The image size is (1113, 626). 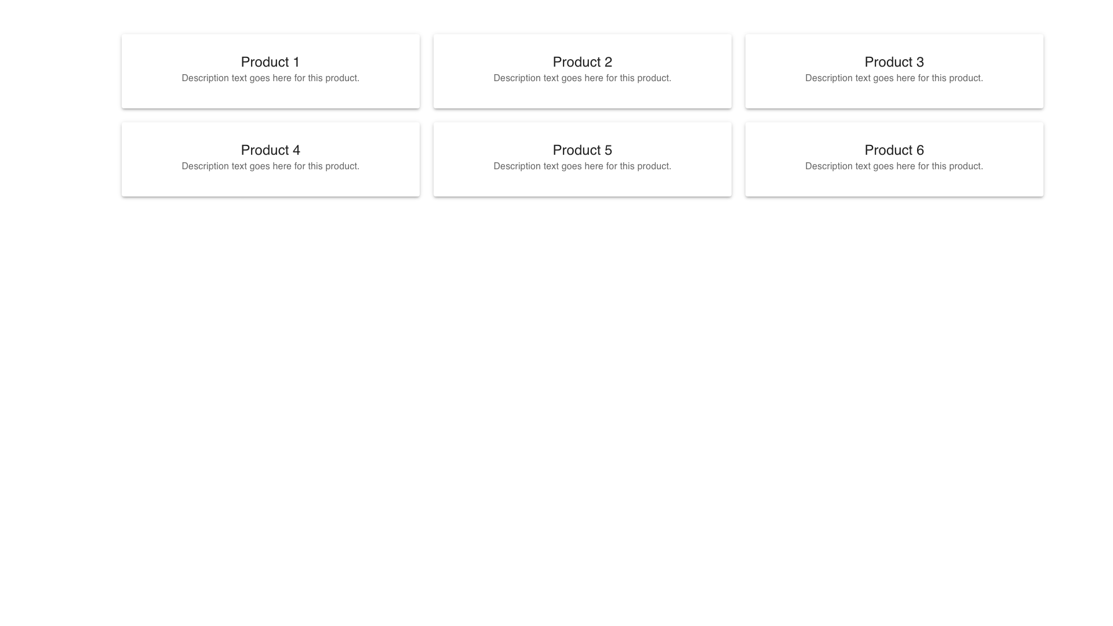 What do you see at coordinates (582, 71) in the screenshot?
I see `the card that serves as a visual representation of a specific product, located as the second card in the first row of a grid layout, positioned between 'Product 1' and 'Product 3'` at bounding box center [582, 71].